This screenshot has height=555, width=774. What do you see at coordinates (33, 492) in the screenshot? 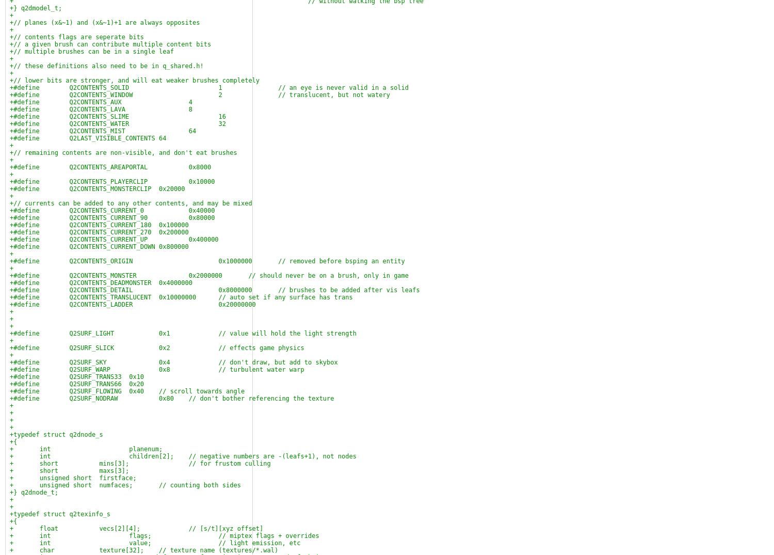
I see `'+} q2dnode_t;'` at bounding box center [33, 492].